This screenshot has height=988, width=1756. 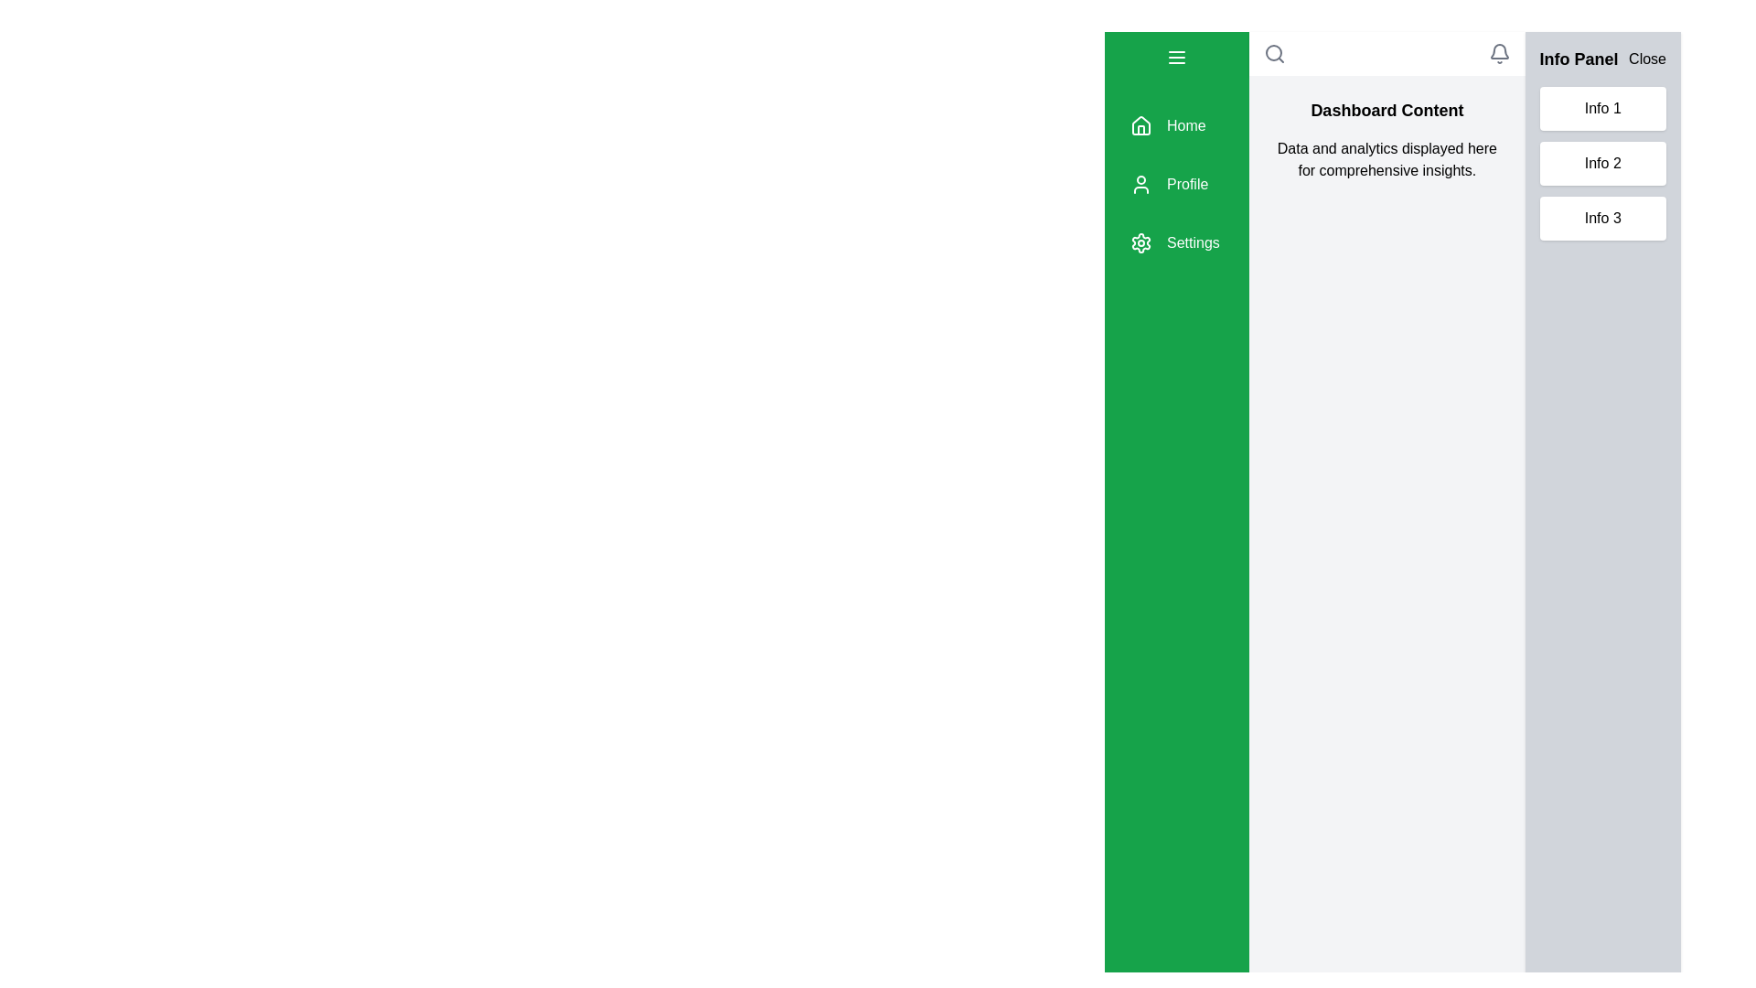 What do you see at coordinates (1274, 52) in the screenshot?
I see `the vector graphic icon of a magnifying glass located at the top-right of the main content area` at bounding box center [1274, 52].